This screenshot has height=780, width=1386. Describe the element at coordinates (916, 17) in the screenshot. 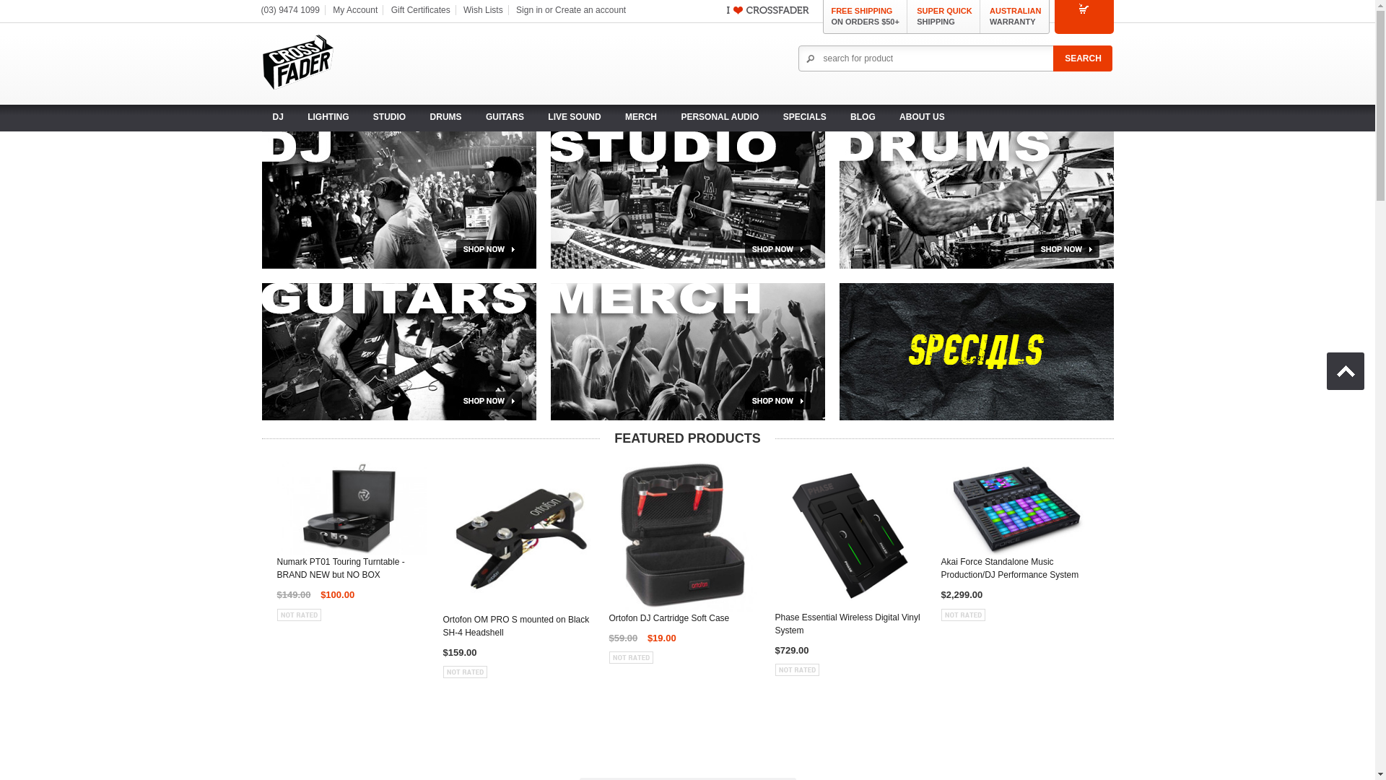

I see `'SUPER QUICK` at that location.